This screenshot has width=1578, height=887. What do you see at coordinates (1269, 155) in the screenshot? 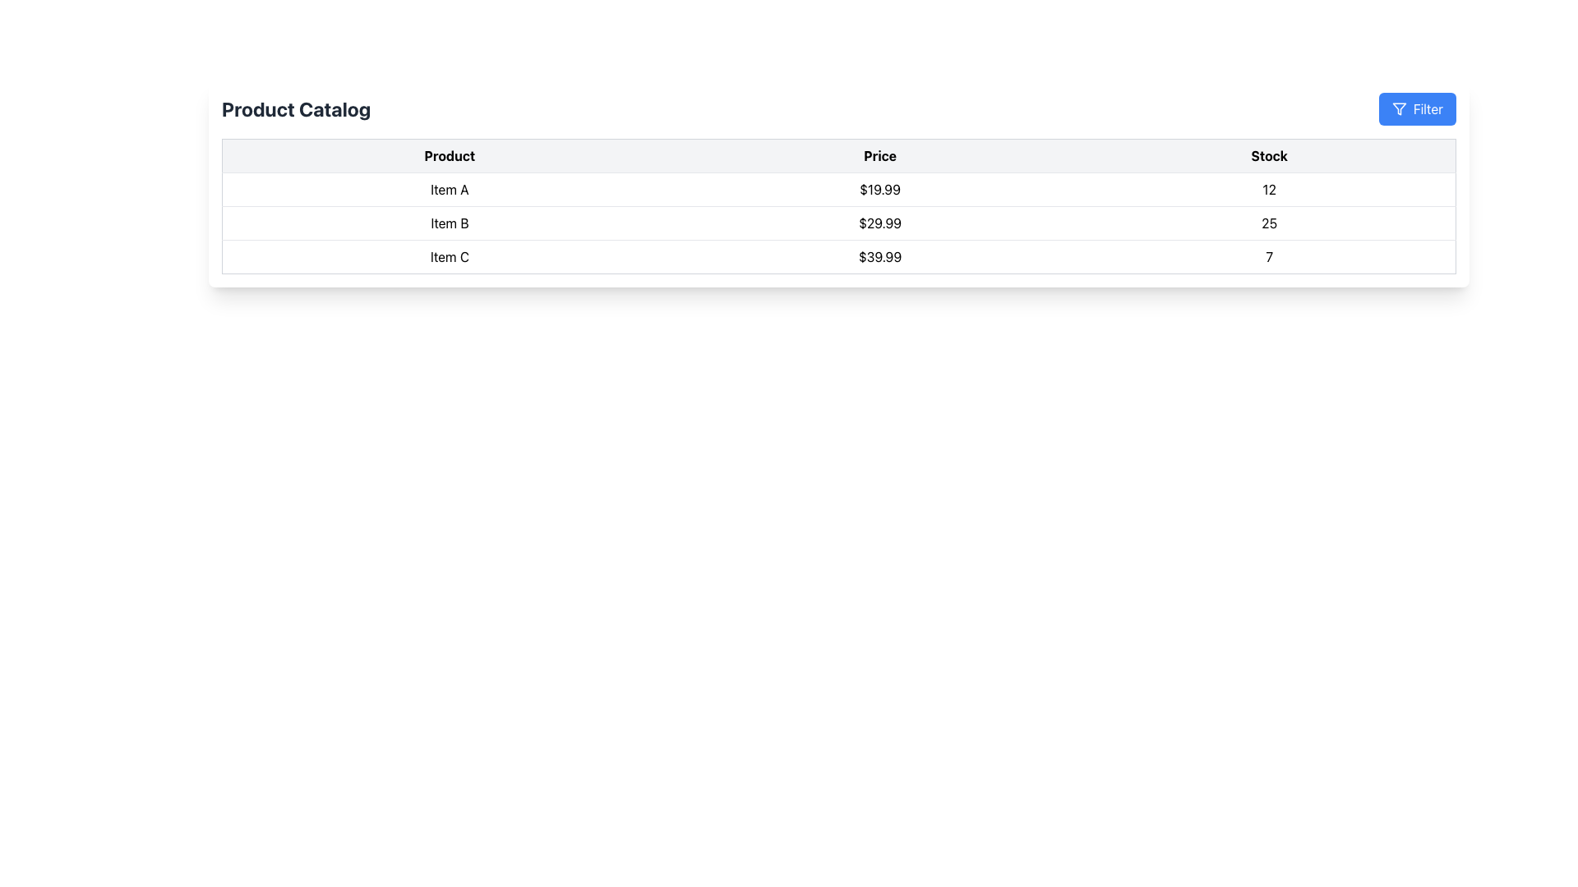
I see `the header cell labeled 'Stock' in the table, which is the third cell in the header row, positioned to the right of the 'Price' header cell` at bounding box center [1269, 155].